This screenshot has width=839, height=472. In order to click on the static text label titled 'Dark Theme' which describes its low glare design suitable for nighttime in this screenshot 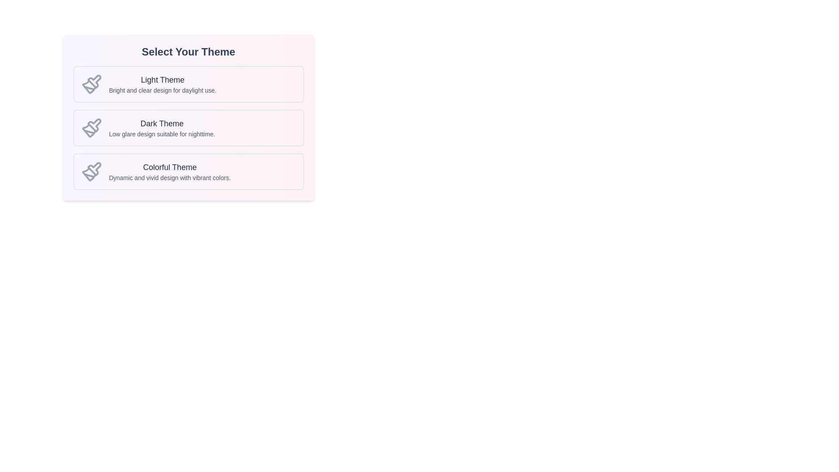, I will do `click(162, 128)`.